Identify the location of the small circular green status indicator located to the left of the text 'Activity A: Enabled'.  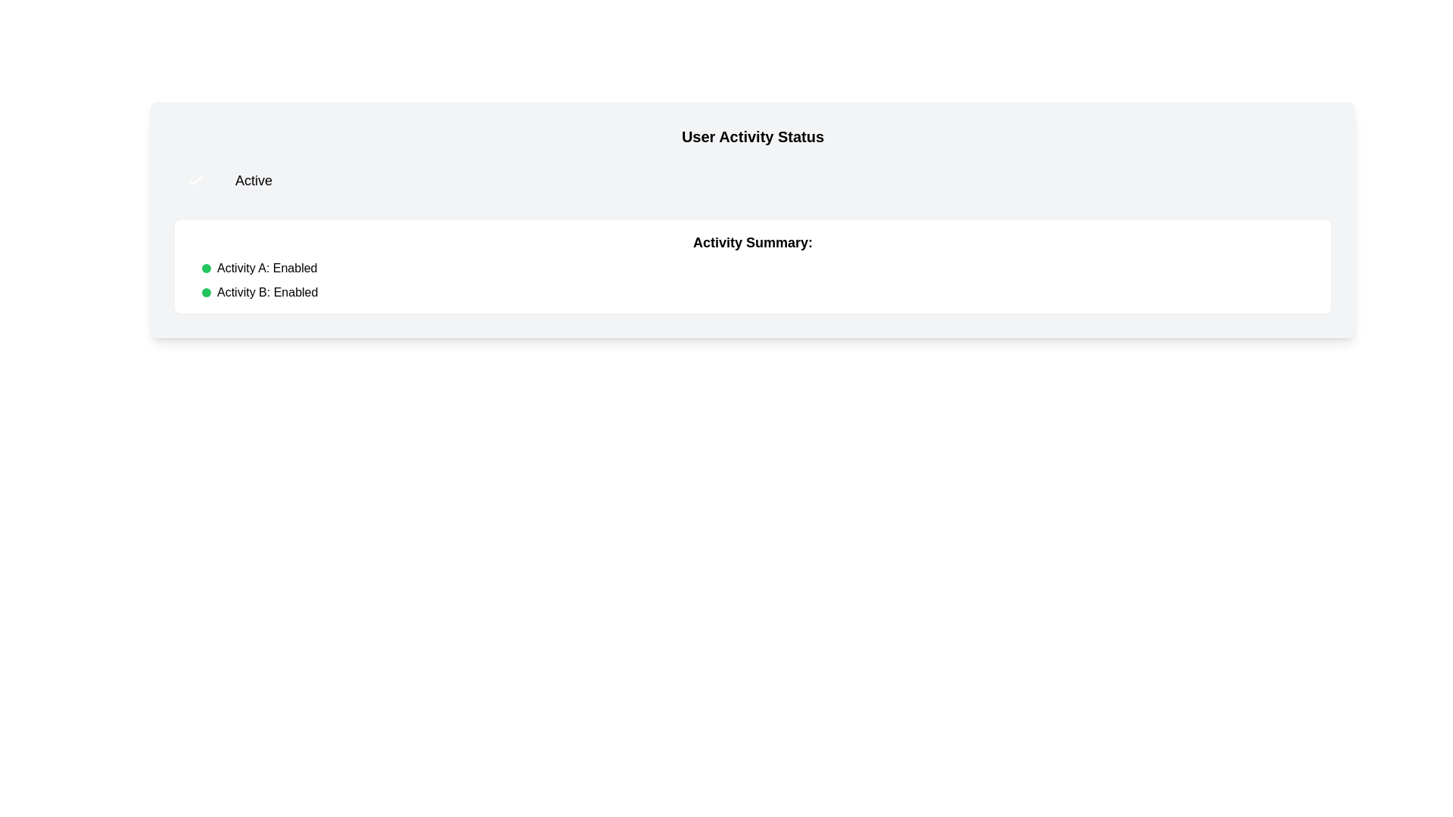
(206, 267).